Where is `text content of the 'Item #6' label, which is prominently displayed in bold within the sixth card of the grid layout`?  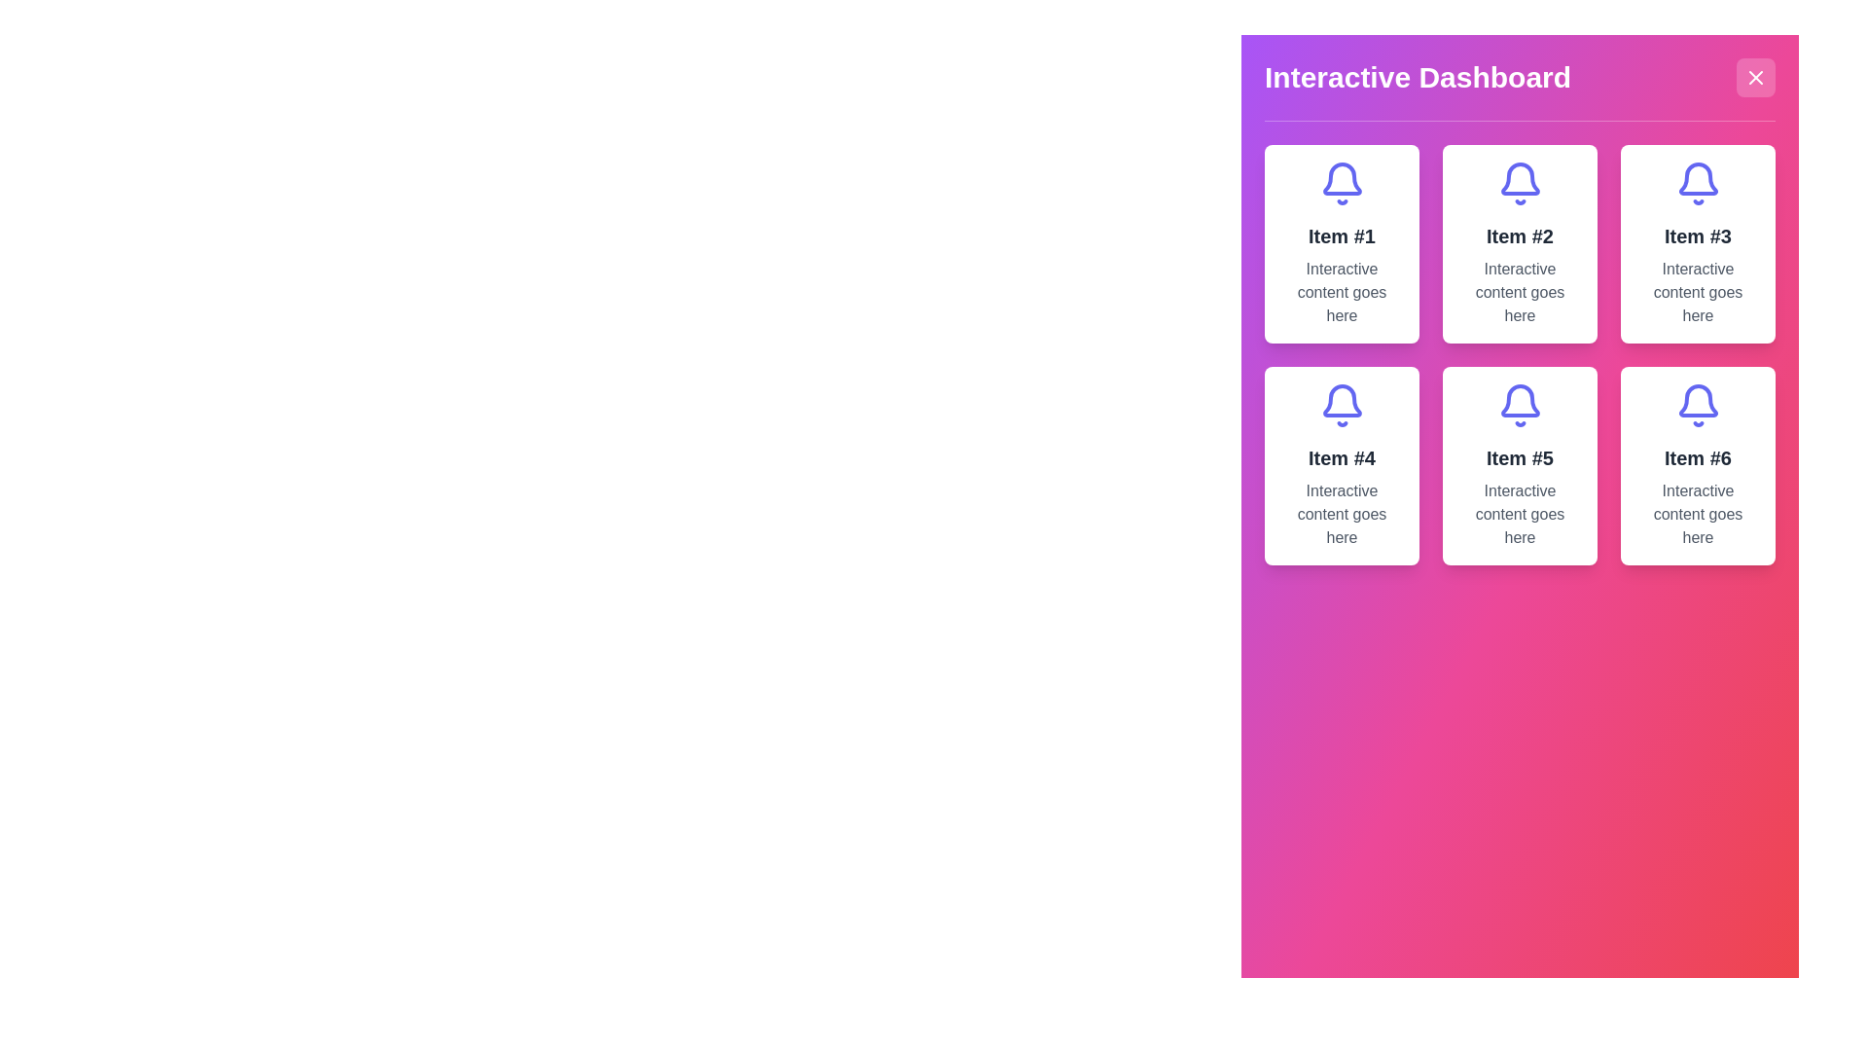 text content of the 'Item #6' label, which is prominently displayed in bold within the sixth card of the grid layout is located at coordinates (1697, 457).